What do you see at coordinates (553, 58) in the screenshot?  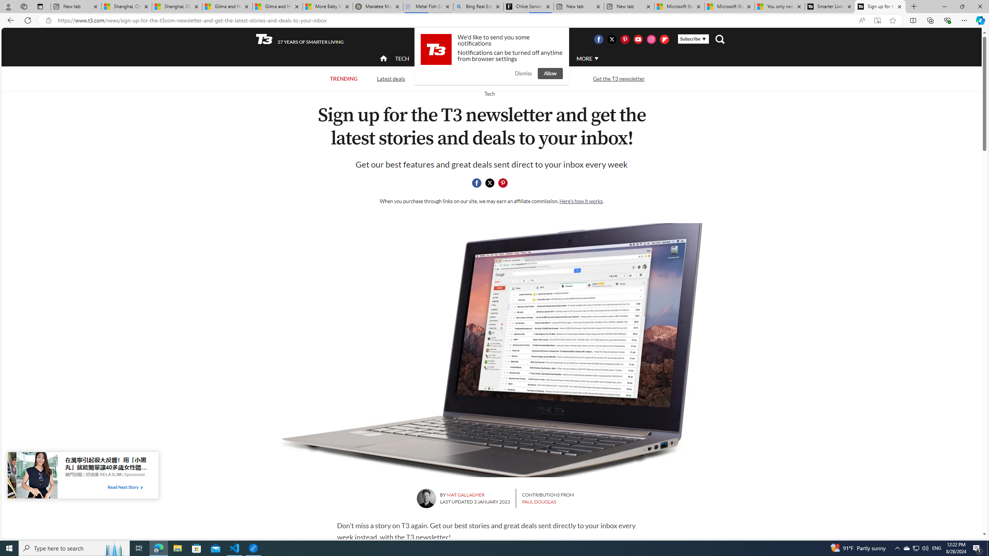 I see `'AUTO'` at bounding box center [553, 58].